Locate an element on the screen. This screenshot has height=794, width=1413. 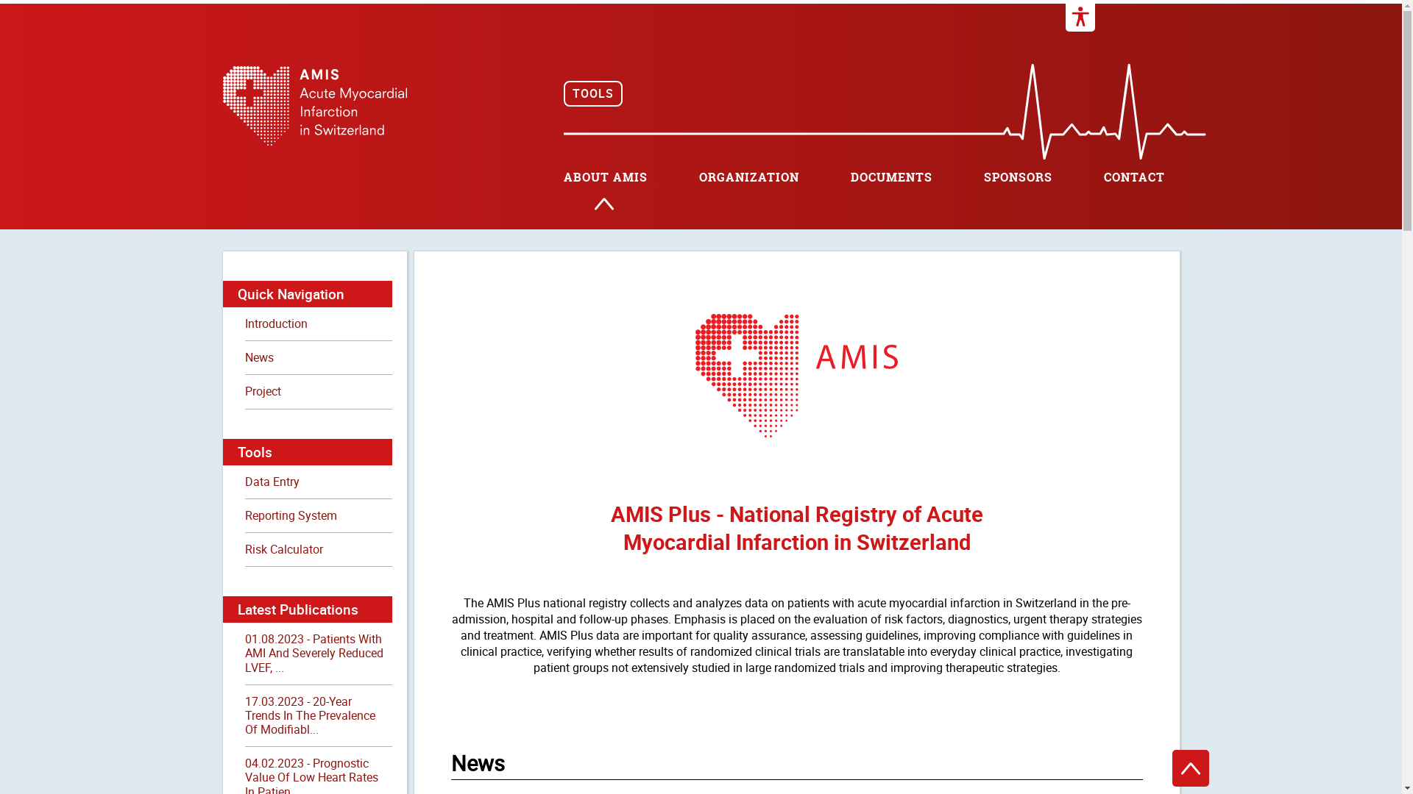
'Project' is located at coordinates (317, 390).